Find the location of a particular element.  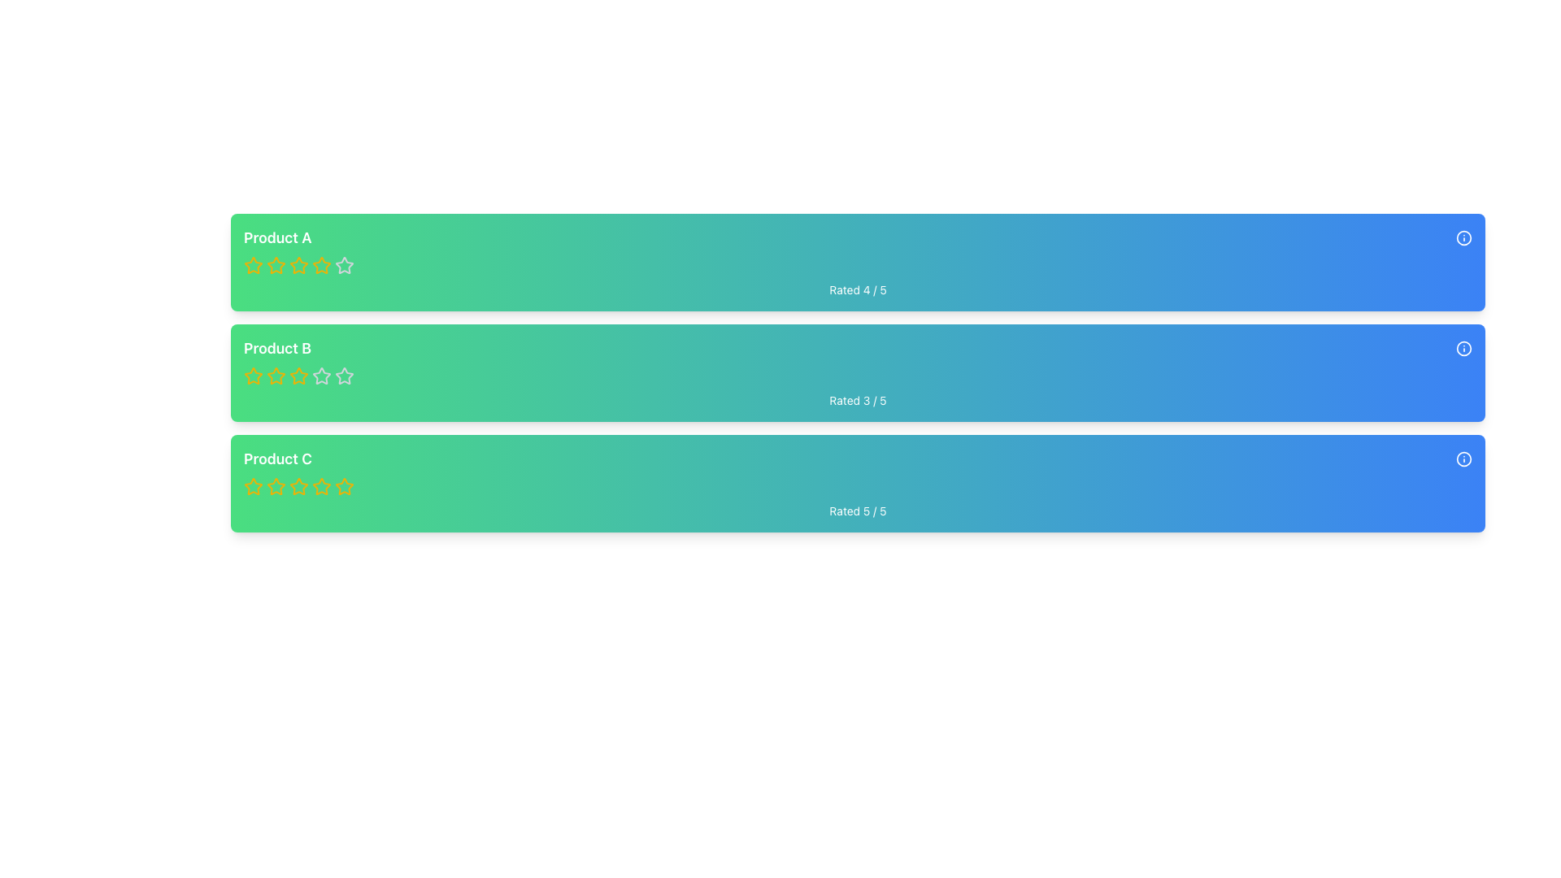

the first star icon with an orange outline and a transparent fill, located next is located at coordinates (253, 264).